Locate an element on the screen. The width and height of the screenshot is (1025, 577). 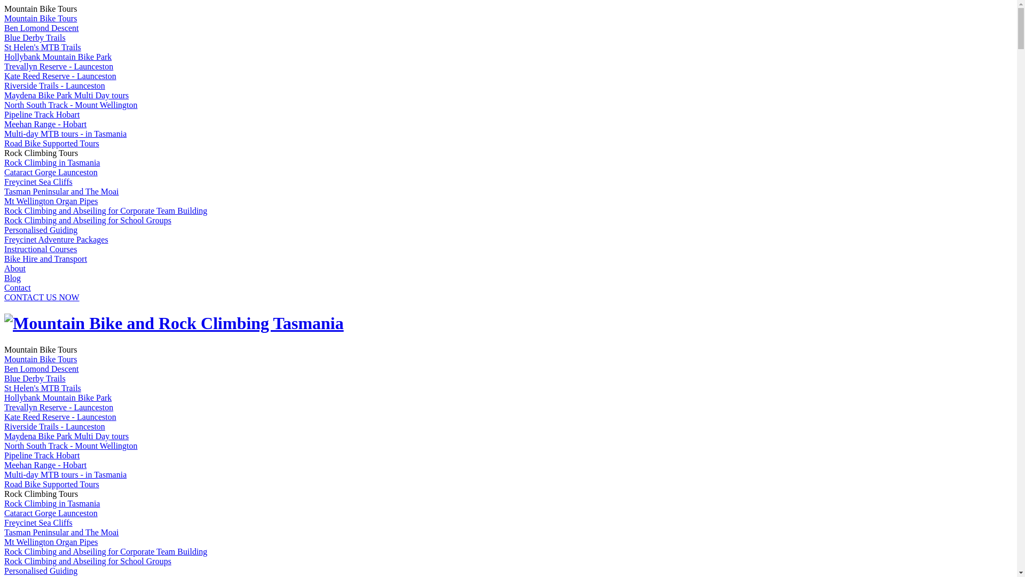
'Rock Climbing and Abseiling for School Groups' is located at coordinates (88, 220).